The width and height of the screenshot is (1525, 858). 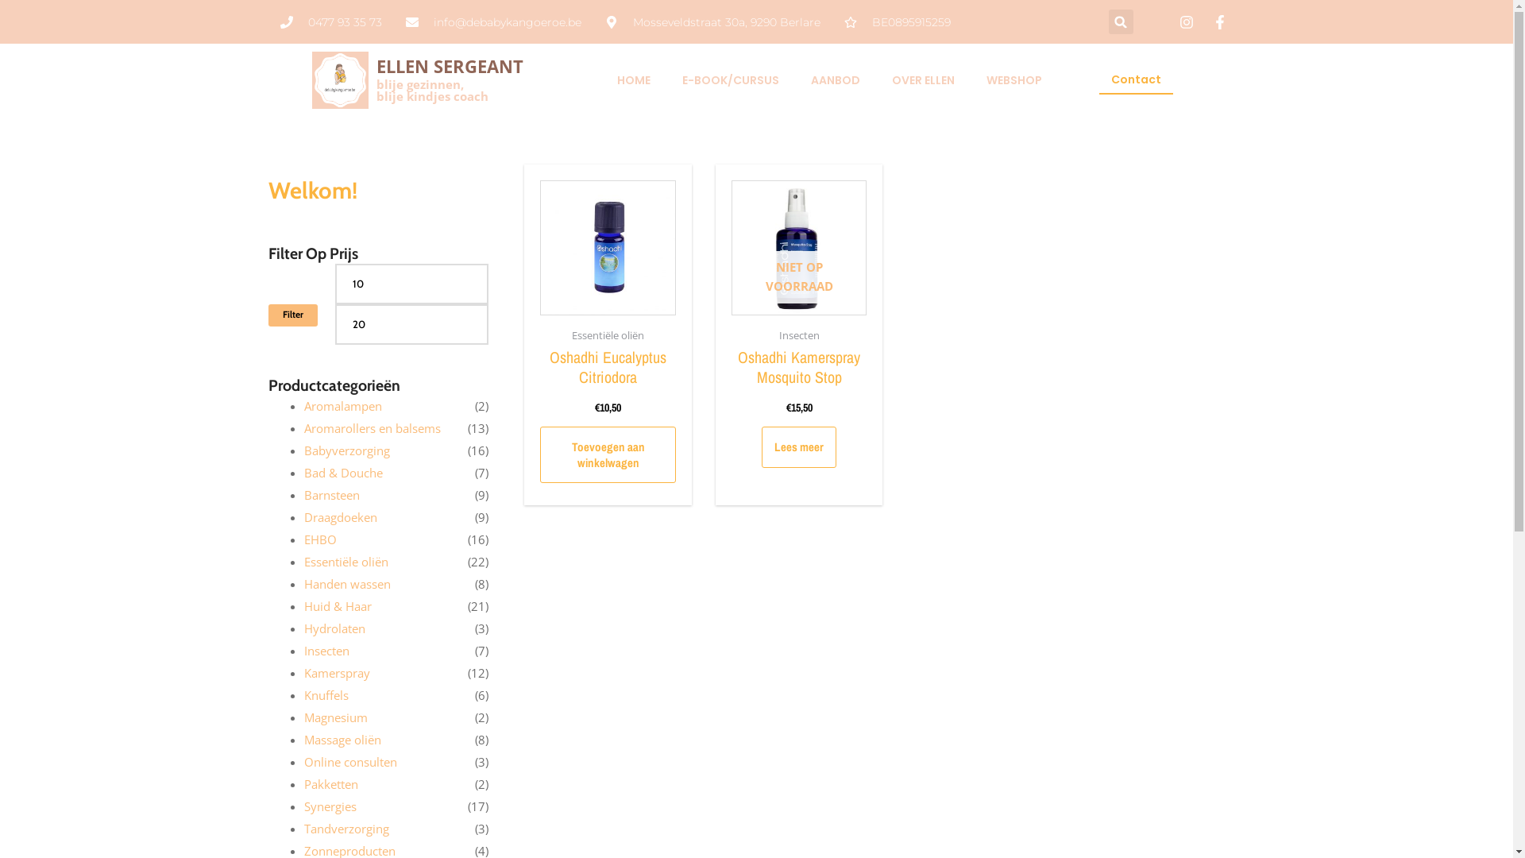 What do you see at coordinates (342, 404) in the screenshot?
I see `'Aromalampen'` at bounding box center [342, 404].